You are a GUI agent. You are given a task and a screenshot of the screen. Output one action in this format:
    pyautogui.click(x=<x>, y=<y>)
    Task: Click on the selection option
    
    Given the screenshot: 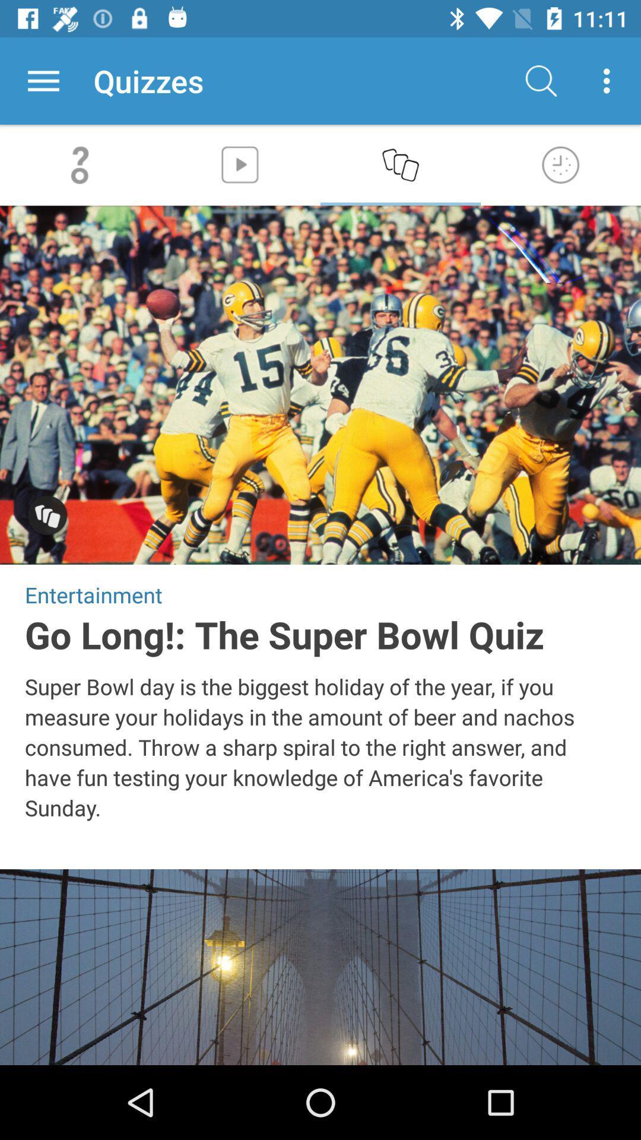 What is the action you would take?
    pyautogui.click(x=47, y=517)
    